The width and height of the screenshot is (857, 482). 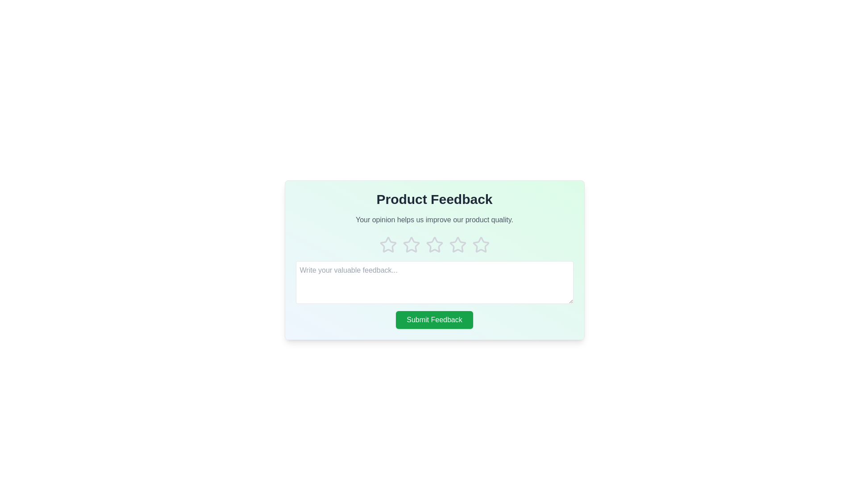 What do you see at coordinates (434, 245) in the screenshot?
I see `the fourth star icon in the rating system to observe the hover effect` at bounding box center [434, 245].